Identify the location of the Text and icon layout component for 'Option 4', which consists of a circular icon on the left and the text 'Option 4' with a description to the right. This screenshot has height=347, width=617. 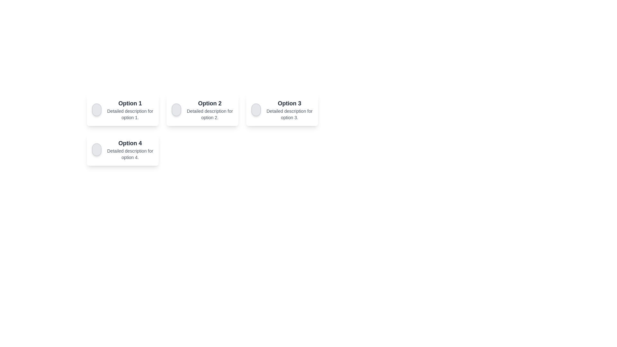
(123, 150).